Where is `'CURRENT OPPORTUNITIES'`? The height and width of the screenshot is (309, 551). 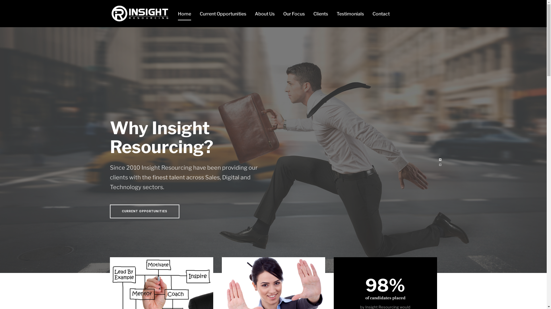
'CURRENT OPPORTUNITIES' is located at coordinates (144, 211).